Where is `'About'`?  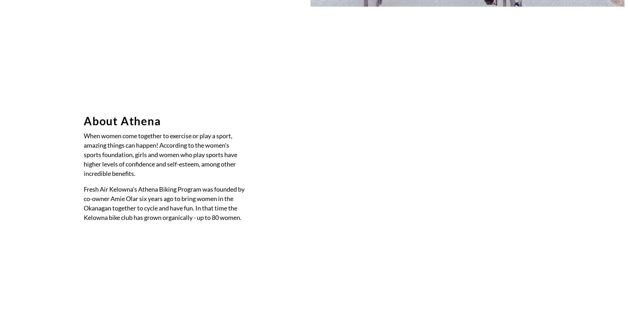
'About' is located at coordinates (299, 86).